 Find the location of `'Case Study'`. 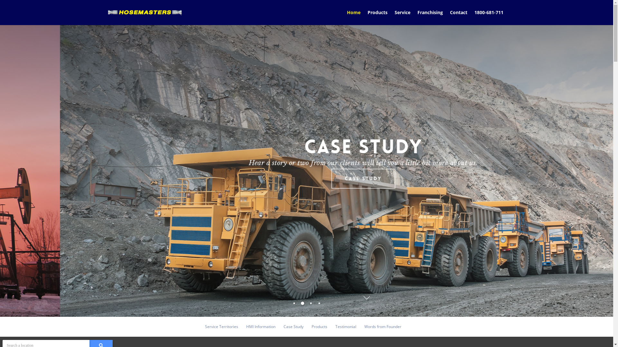

'Case Study' is located at coordinates (293, 327).